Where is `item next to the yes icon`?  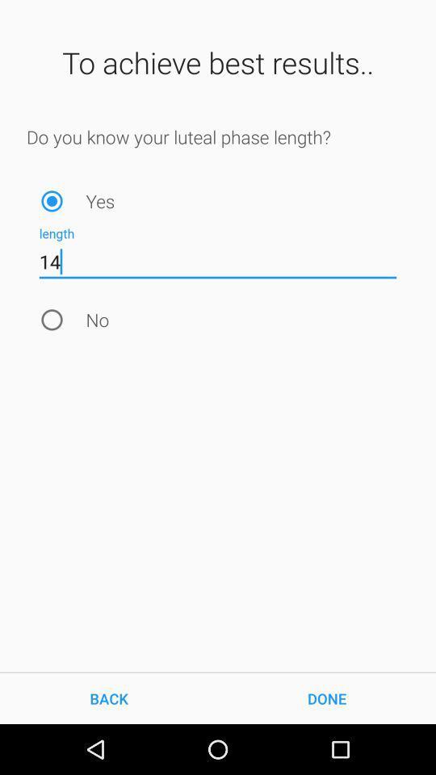 item next to the yes icon is located at coordinates (52, 200).